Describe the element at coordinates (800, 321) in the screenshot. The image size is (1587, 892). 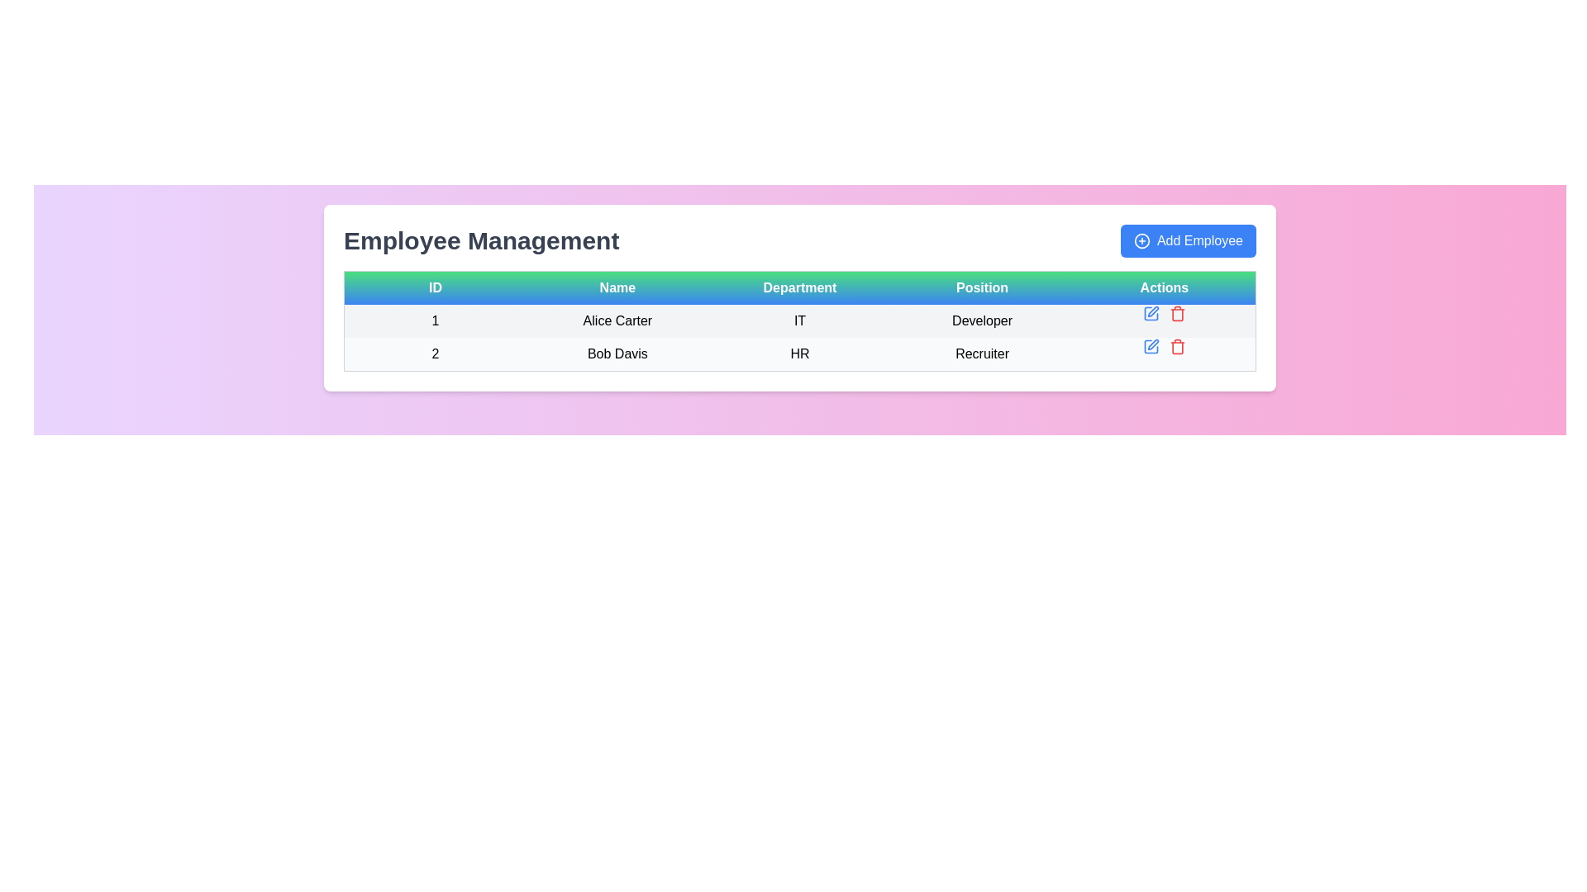
I see `the first table row in the 'Employee Management' section to interact with the displayed employee information` at that location.